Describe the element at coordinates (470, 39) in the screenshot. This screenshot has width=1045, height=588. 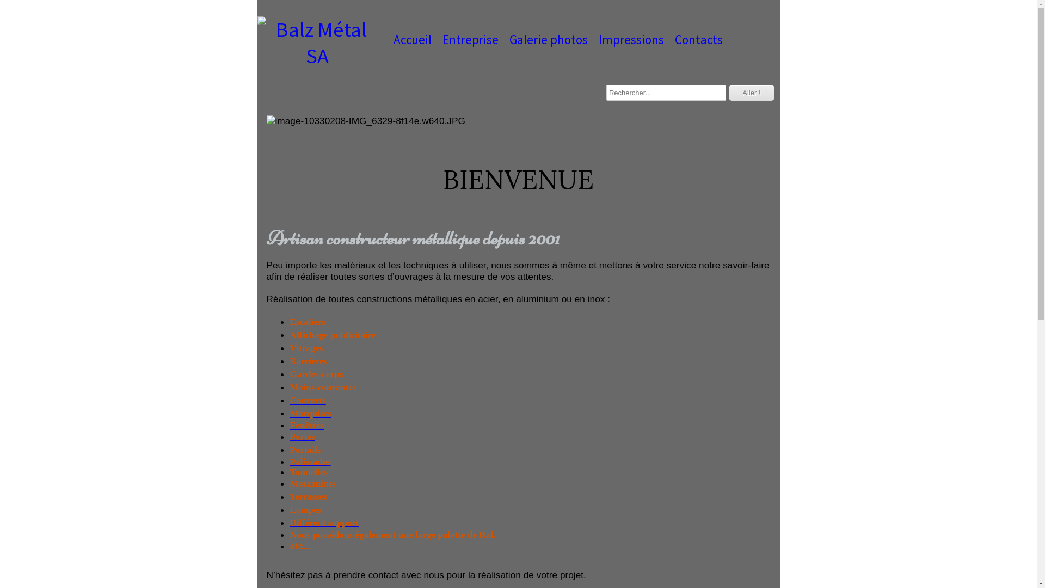
I see `'Entreprise'` at that location.